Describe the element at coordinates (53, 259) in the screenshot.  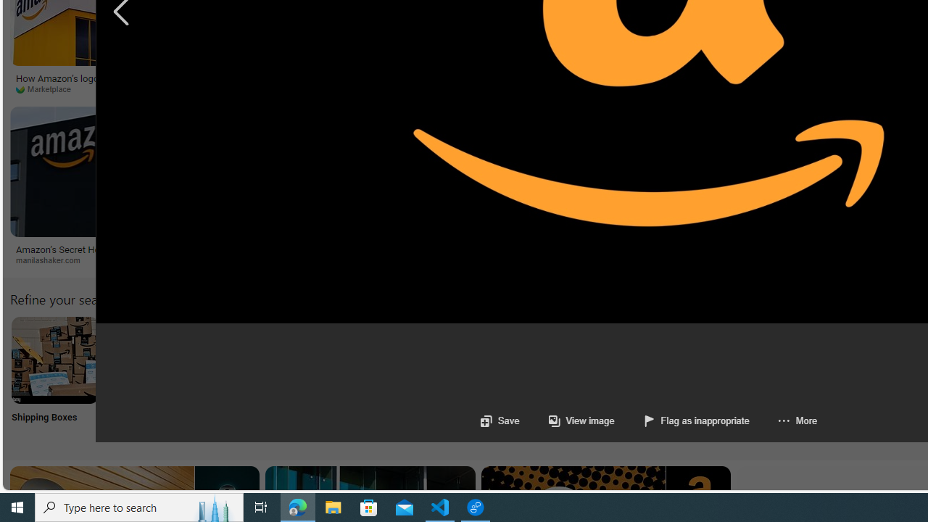
I see `'manilashaker.com'` at that location.